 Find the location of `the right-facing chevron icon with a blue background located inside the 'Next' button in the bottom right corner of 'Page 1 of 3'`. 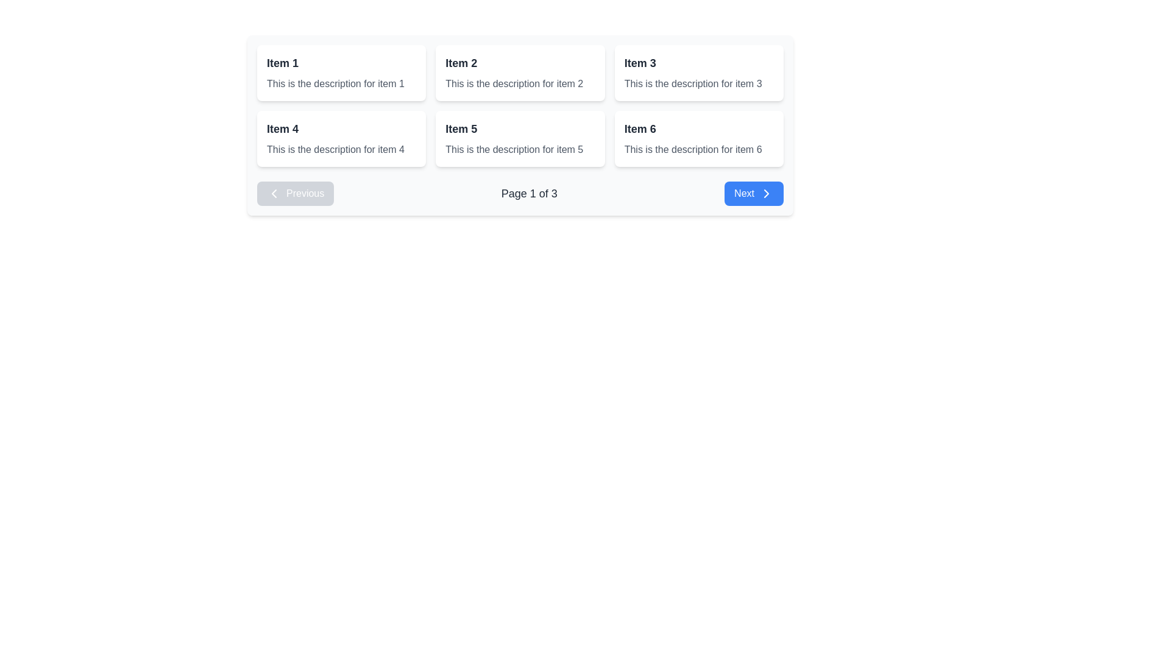

the right-facing chevron icon with a blue background located inside the 'Next' button in the bottom right corner of 'Page 1 of 3' is located at coordinates (765, 193).